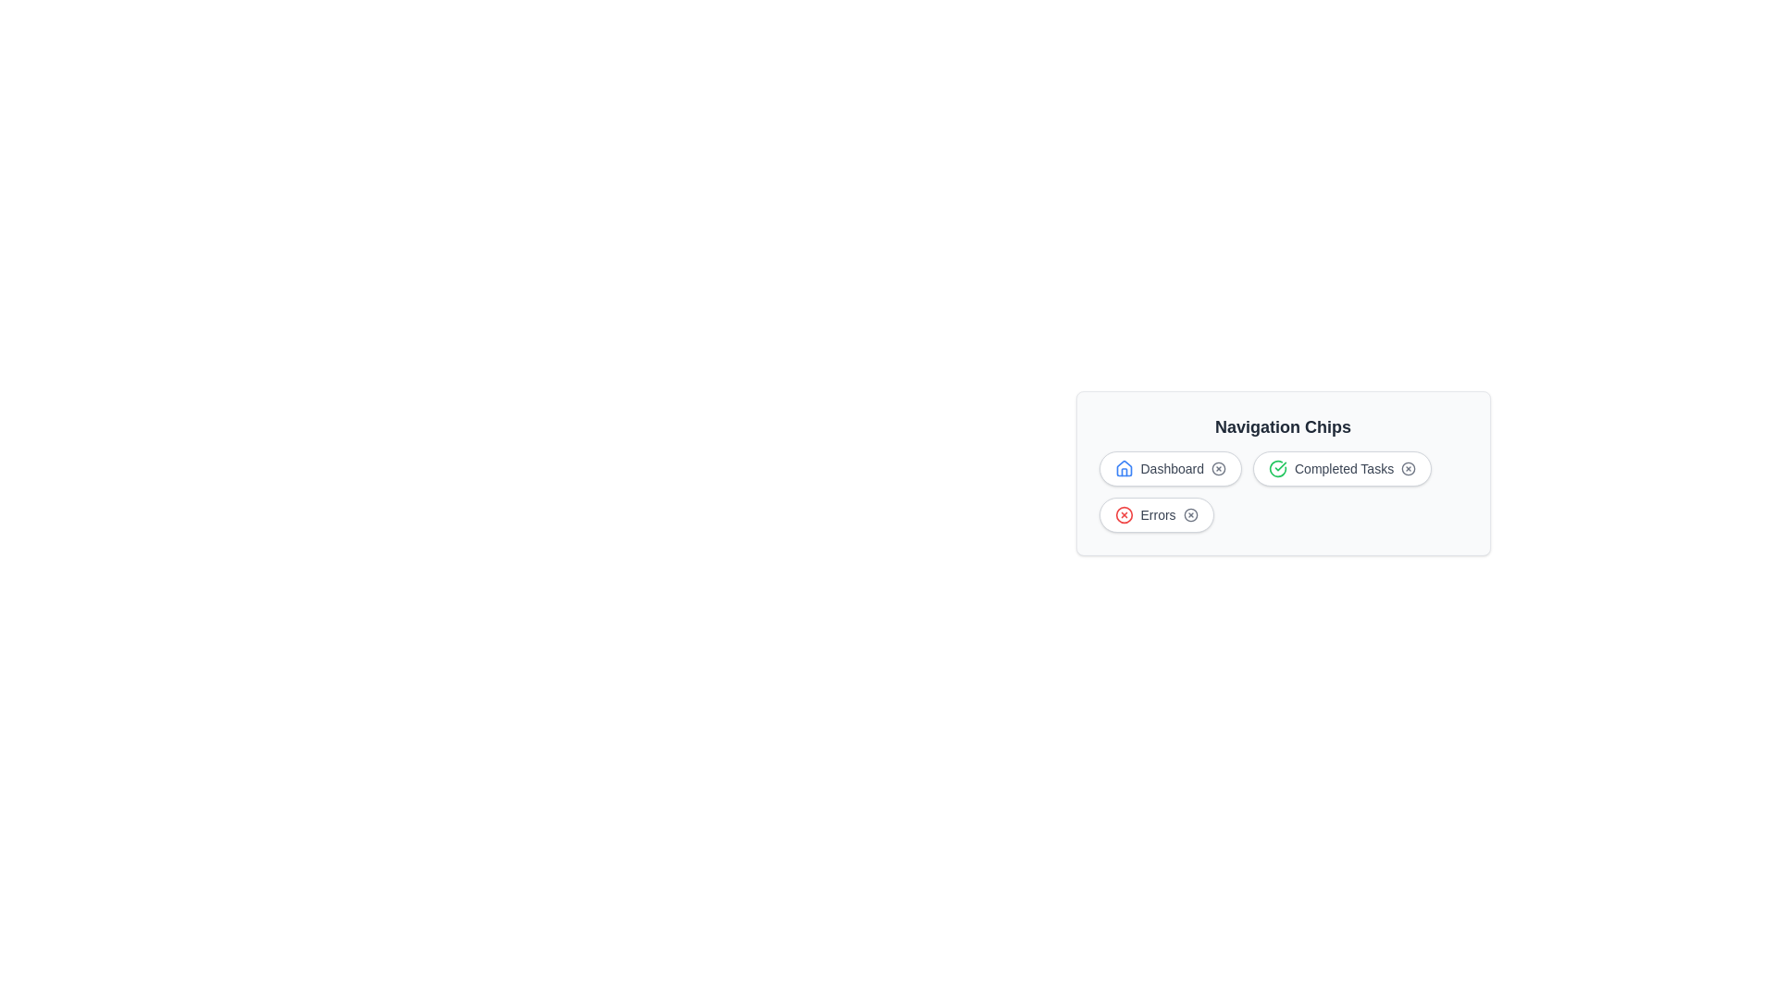 The image size is (1777, 999). I want to click on the chip labeled Errors, so click(1155, 514).